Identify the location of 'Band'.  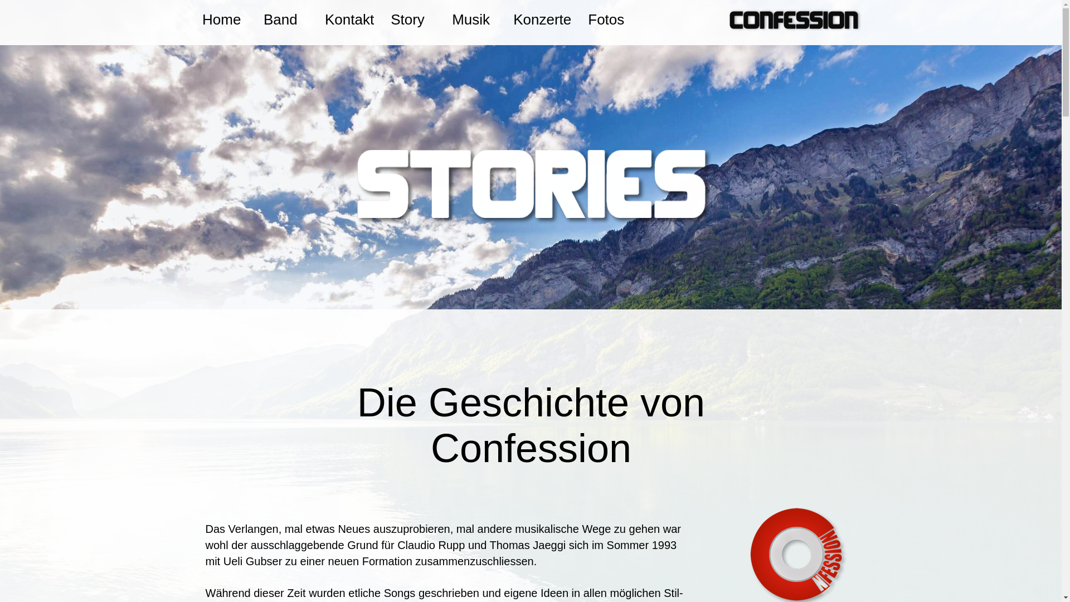
(286, 19).